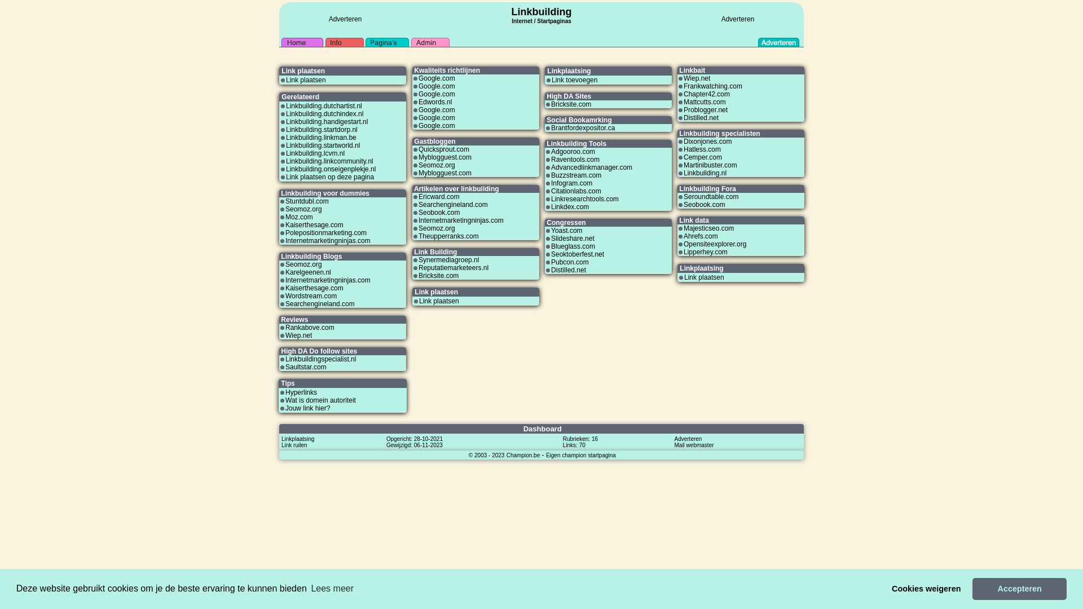  What do you see at coordinates (436, 110) in the screenshot?
I see `'Google.com'` at bounding box center [436, 110].